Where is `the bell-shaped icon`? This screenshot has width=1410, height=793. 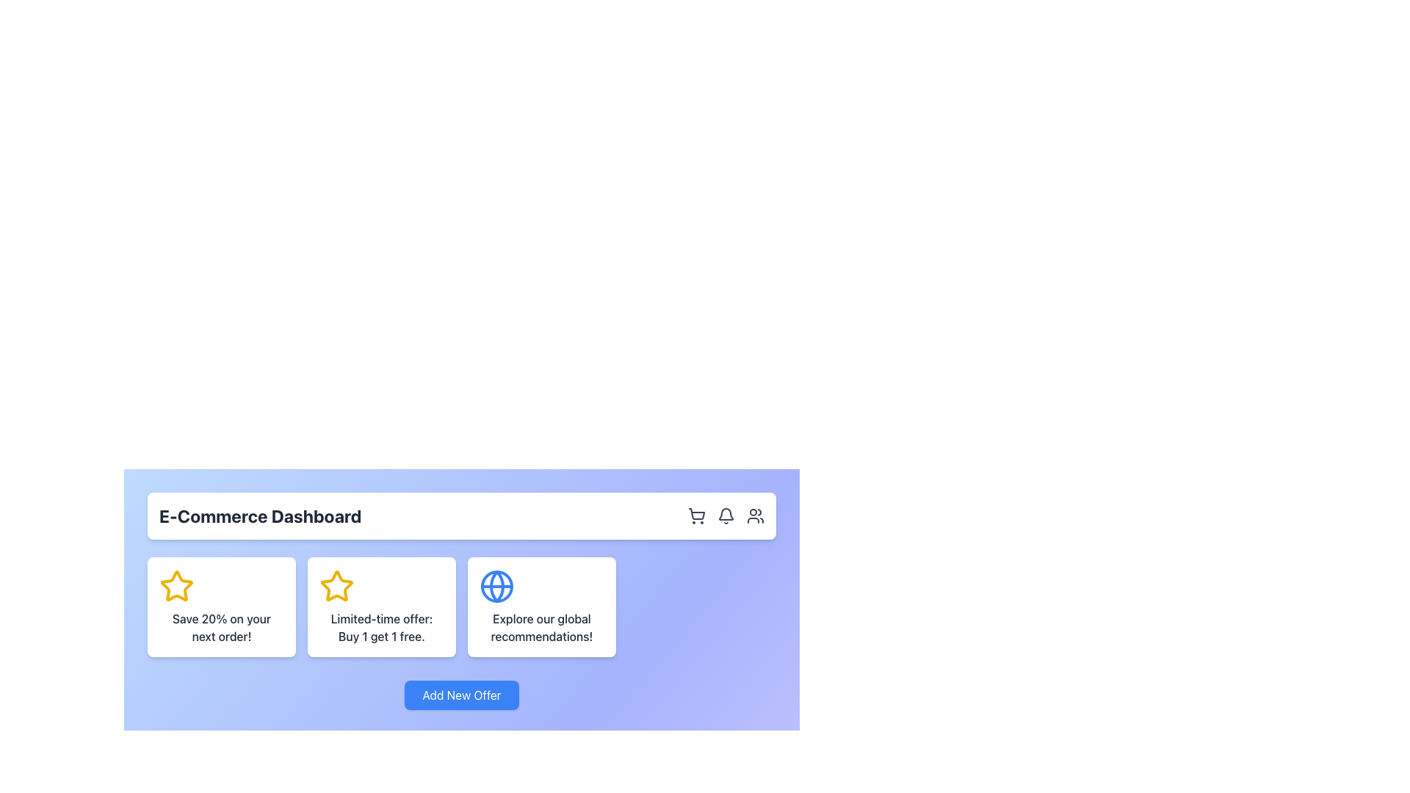 the bell-shaped icon is located at coordinates (726, 515).